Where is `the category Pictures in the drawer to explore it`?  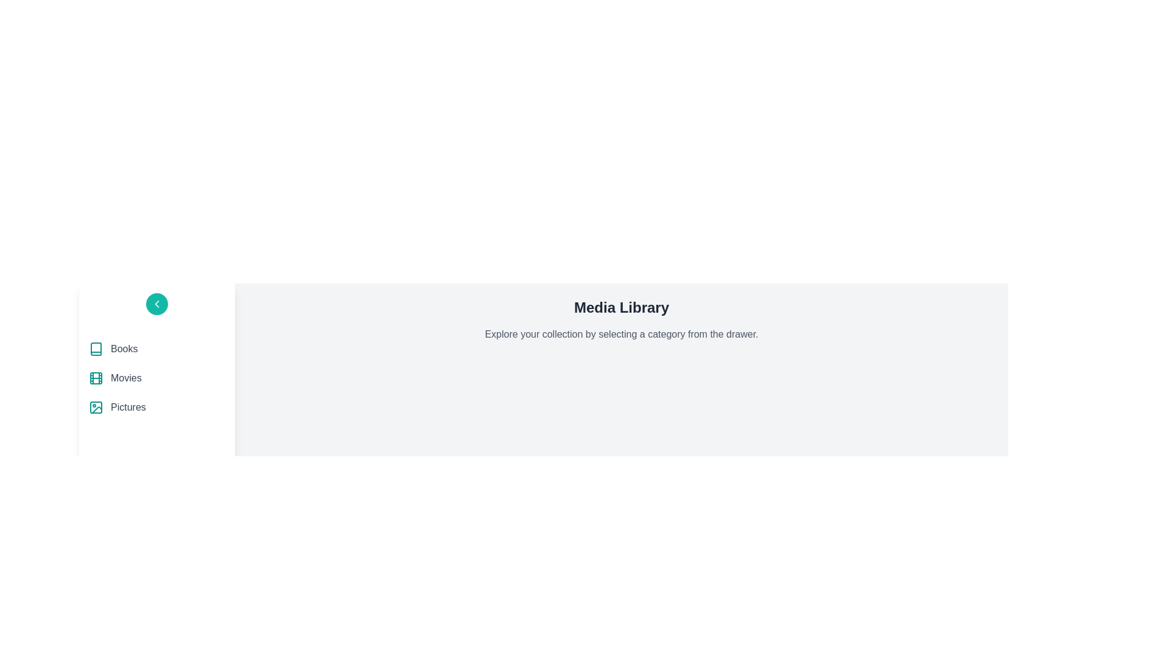 the category Pictures in the drawer to explore it is located at coordinates (156, 408).